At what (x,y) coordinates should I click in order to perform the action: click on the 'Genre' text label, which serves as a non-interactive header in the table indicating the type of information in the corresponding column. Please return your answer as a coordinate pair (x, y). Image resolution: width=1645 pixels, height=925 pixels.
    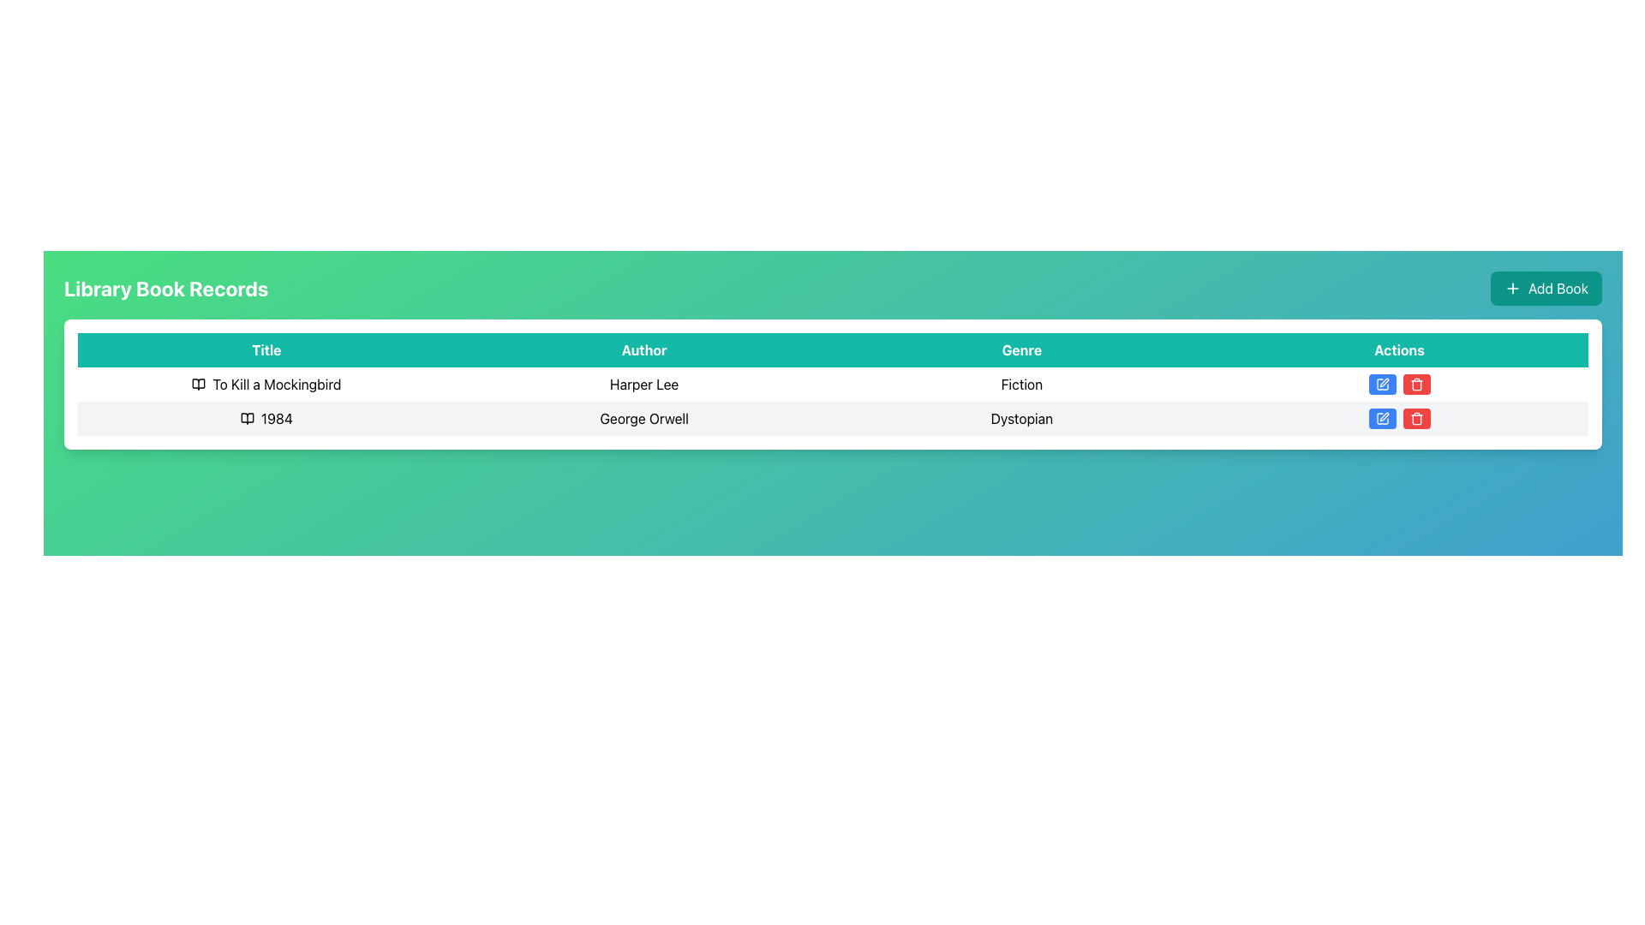
    Looking at the image, I should click on (1021, 349).